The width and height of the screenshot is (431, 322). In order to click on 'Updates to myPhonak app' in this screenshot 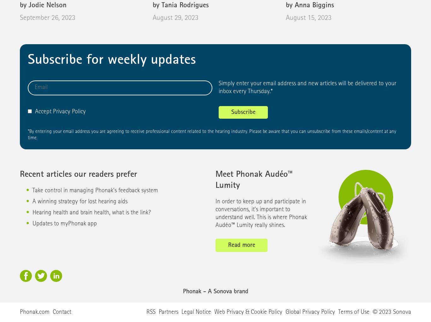, I will do `click(64, 224)`.